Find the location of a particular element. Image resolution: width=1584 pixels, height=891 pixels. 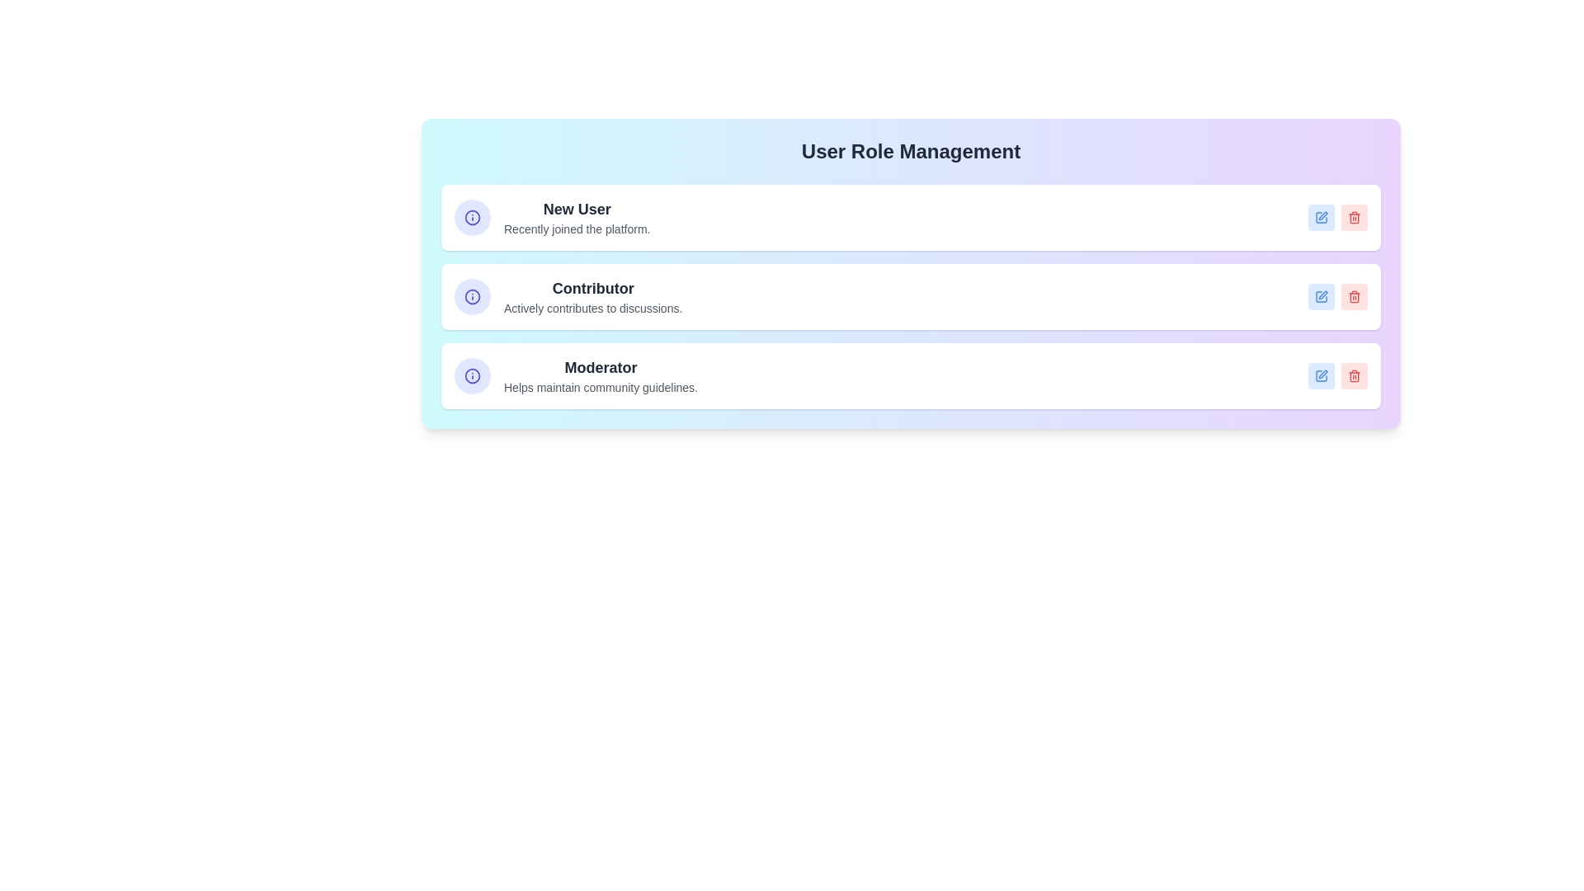

the information icon of the tag labeled 'New User' is located at coordinates (471, 216).